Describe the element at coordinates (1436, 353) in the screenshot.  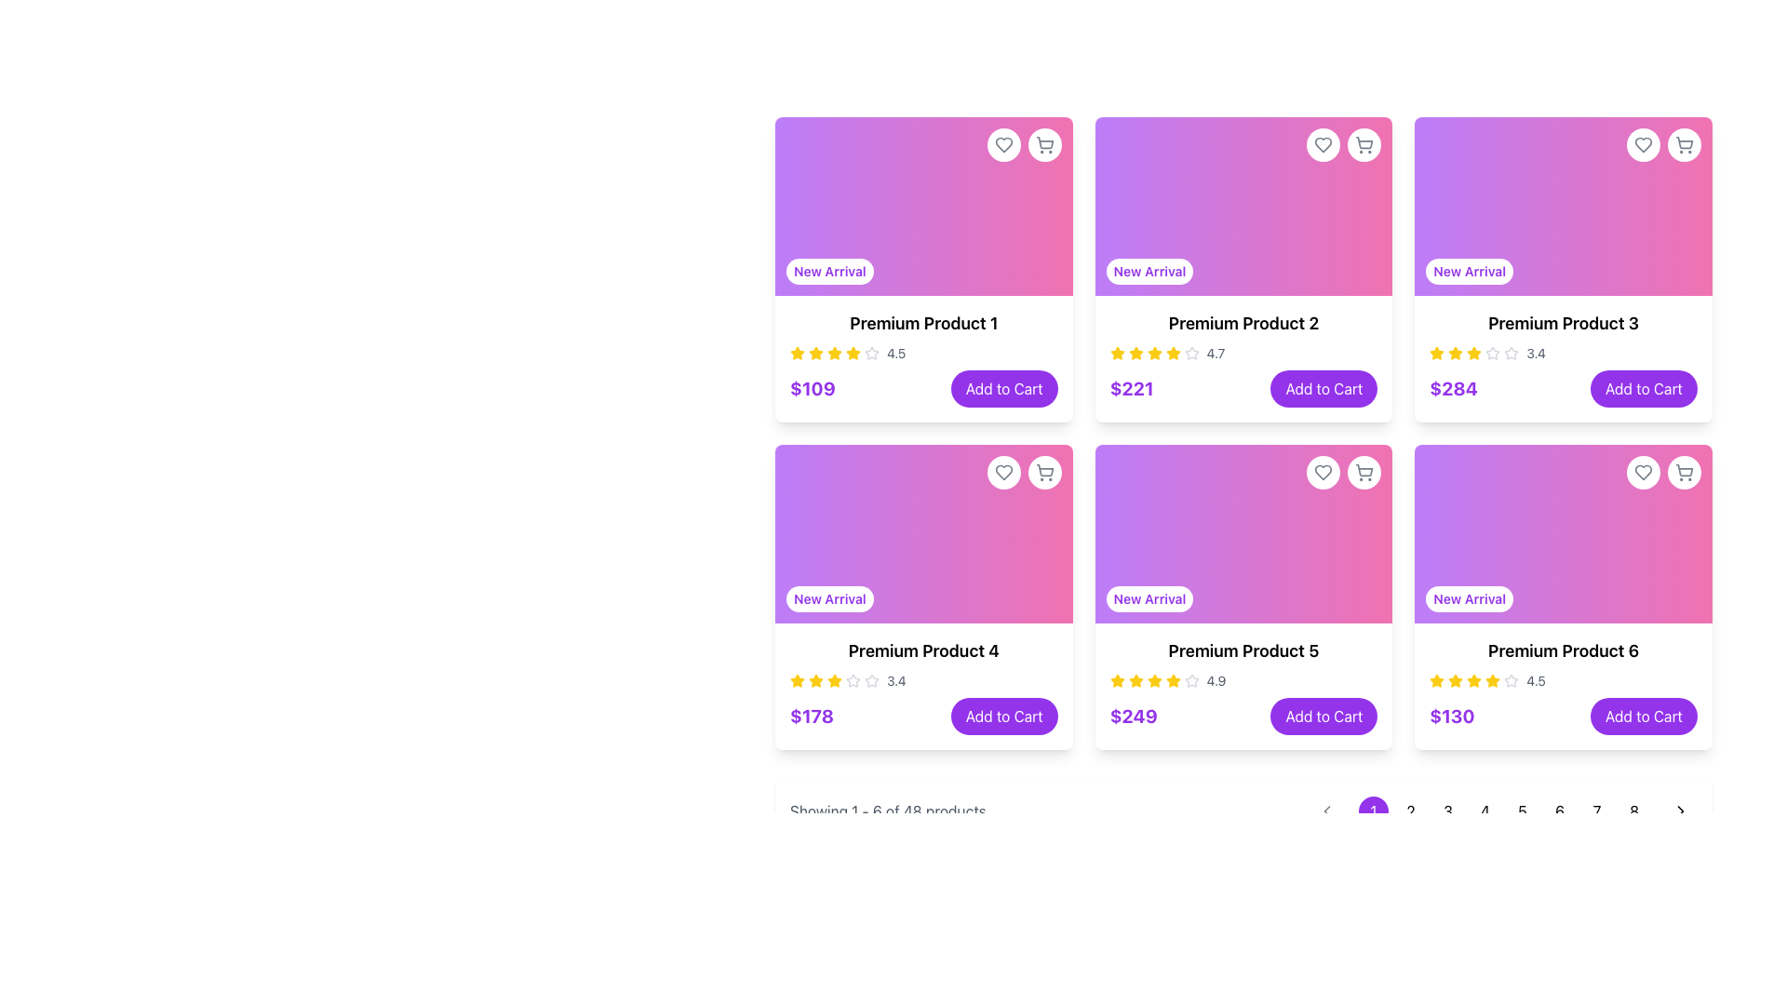
I see `the yellow filled star icon representing user rating located underneath the product name in the third product card of the list` at that location.